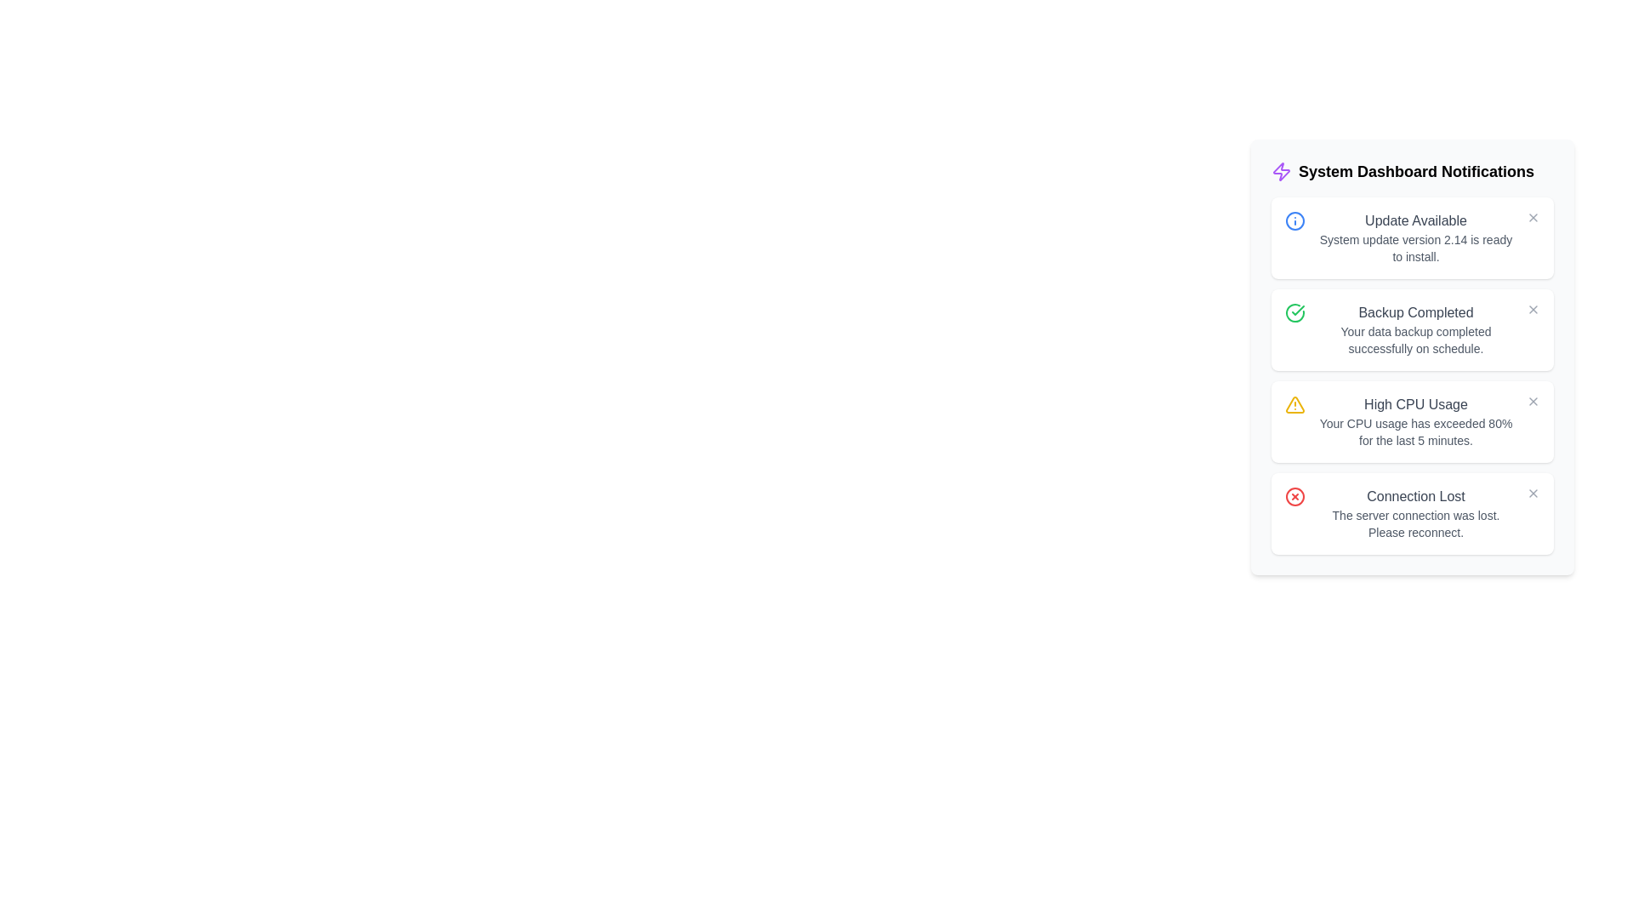  I want to click on the 'Update Available' notification icon located at the top right of the notification list, so click(1294, 220).